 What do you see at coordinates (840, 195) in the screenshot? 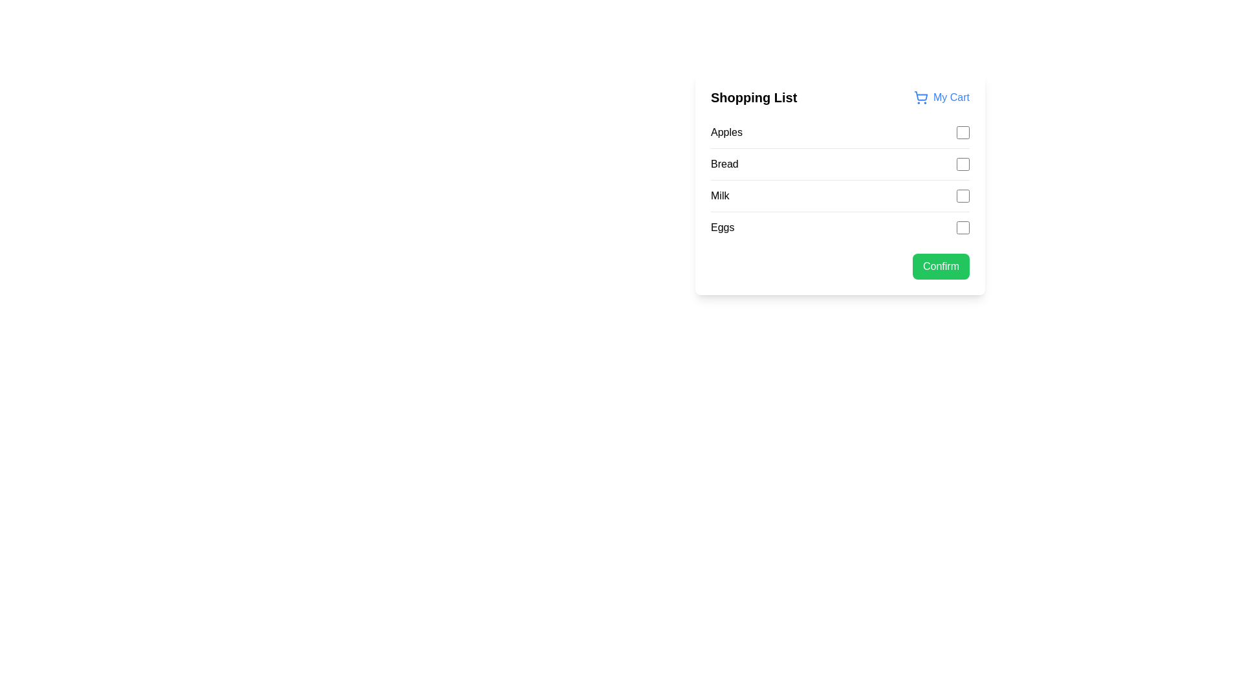
I see `the checkbox in the third row of the 'Shopping List'` at bounding box center [840, 195].